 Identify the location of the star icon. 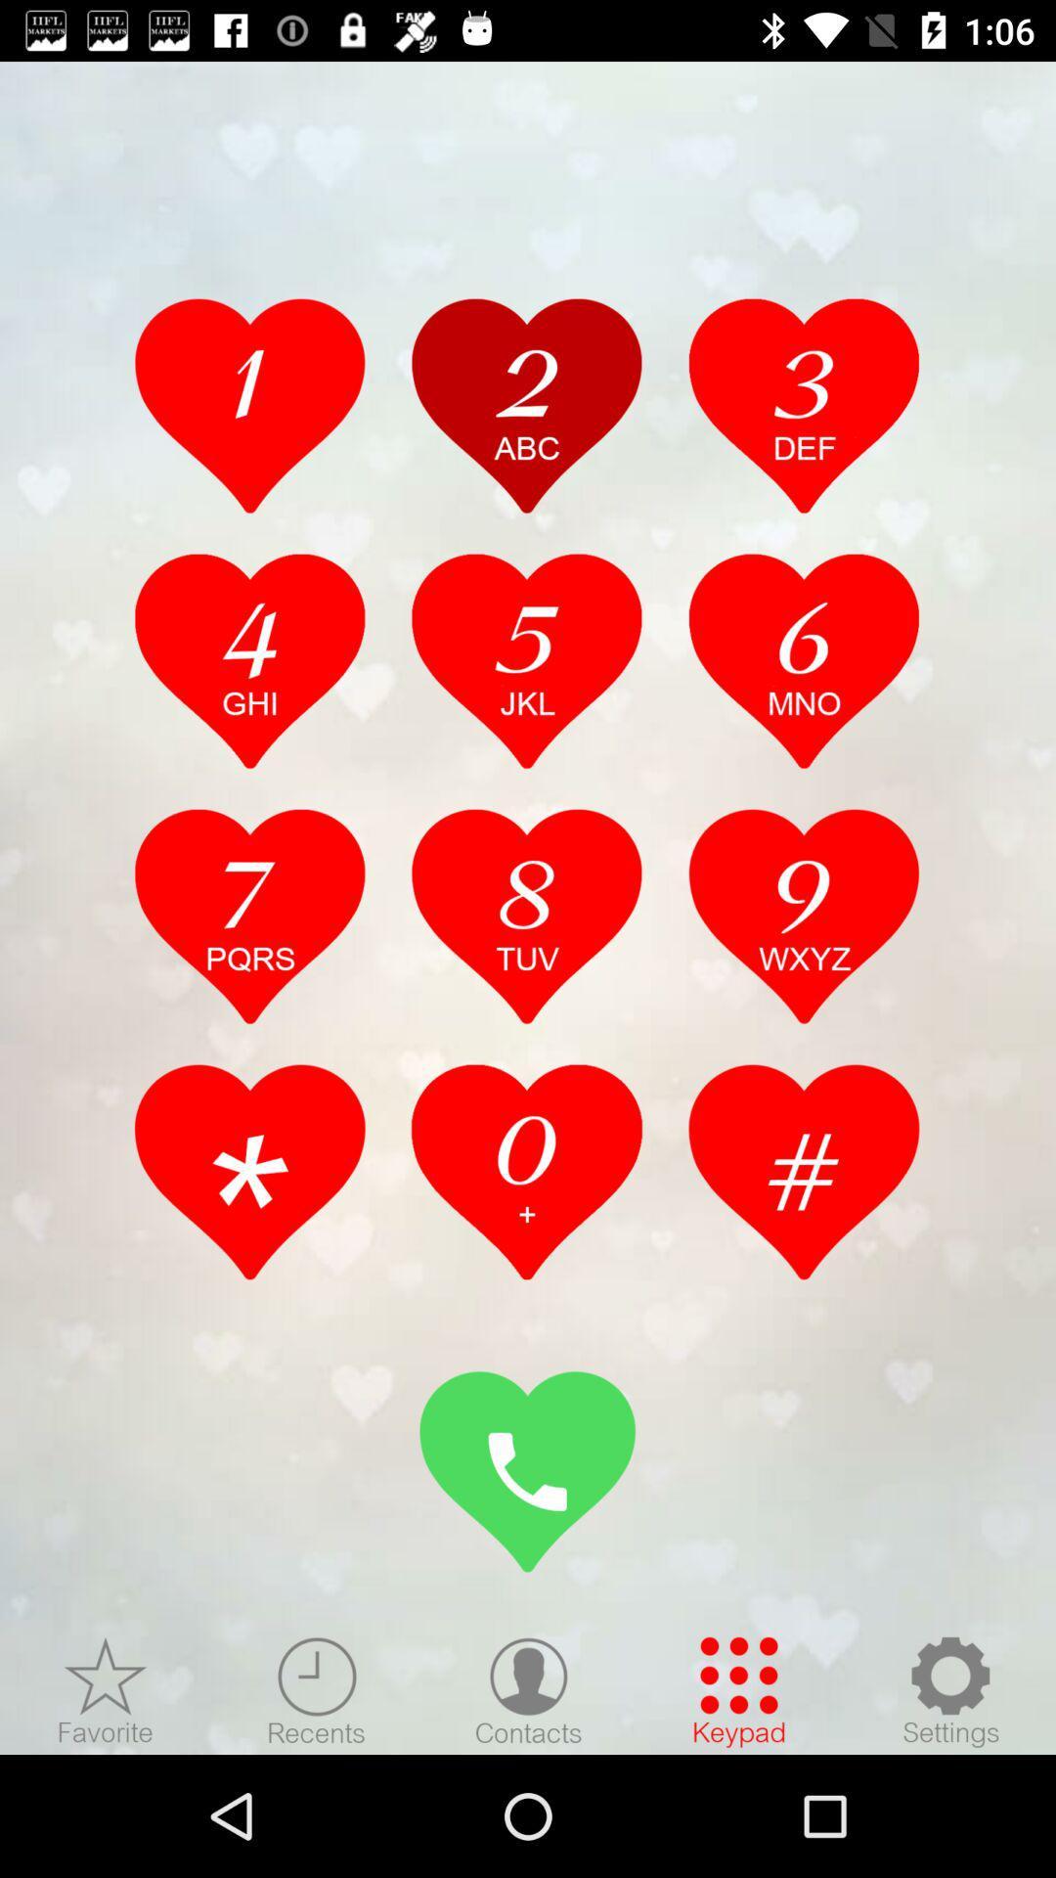
(106, 1690).